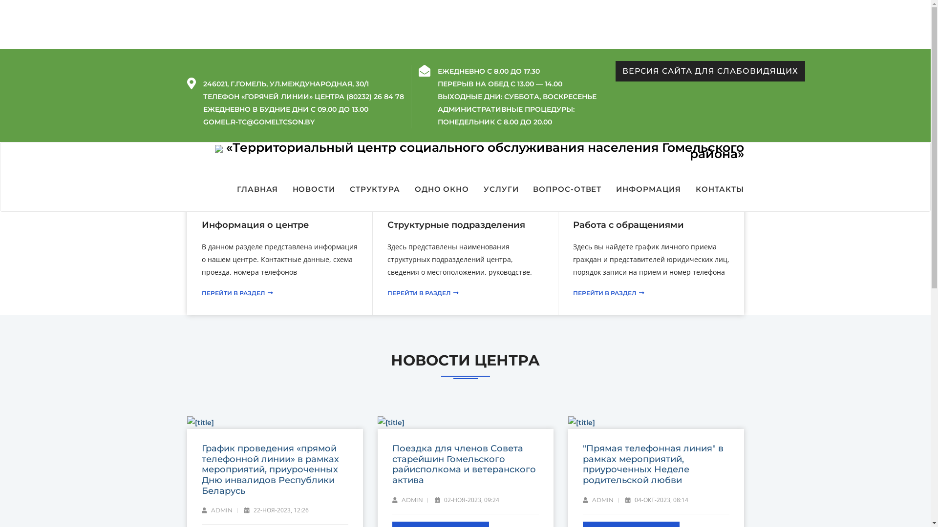 The width and height of the screenshot is (938, 527). I want to click on 'ADMIN', so click(216, 509).